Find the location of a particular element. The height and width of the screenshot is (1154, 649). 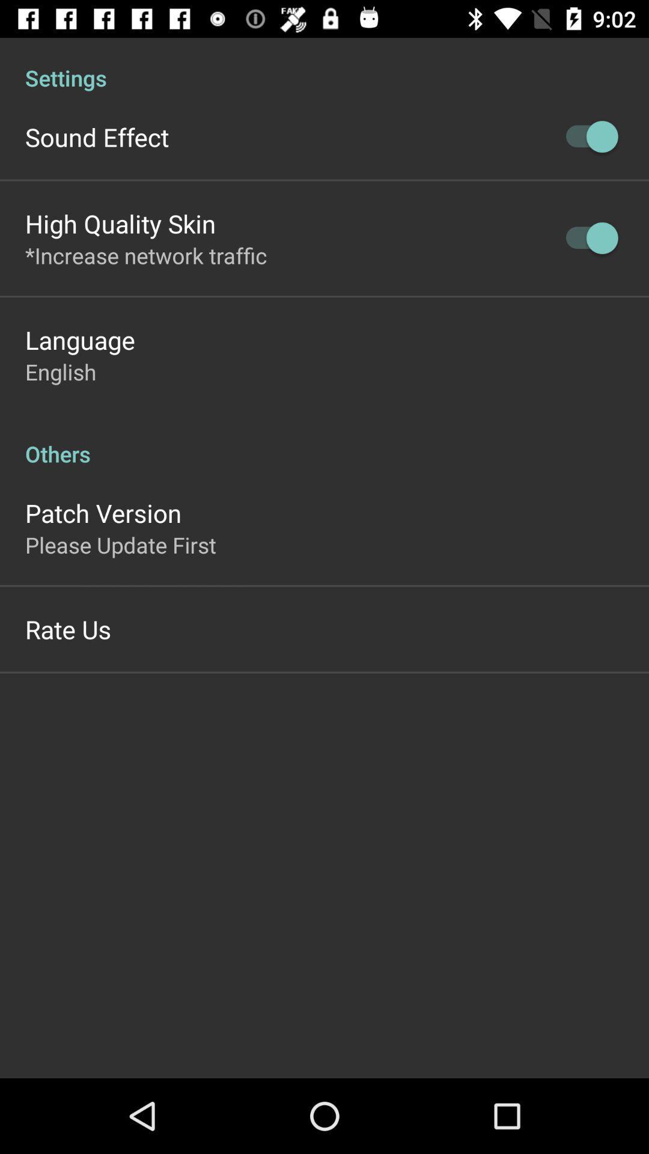

the patch version is located at coordinates (103, 513).